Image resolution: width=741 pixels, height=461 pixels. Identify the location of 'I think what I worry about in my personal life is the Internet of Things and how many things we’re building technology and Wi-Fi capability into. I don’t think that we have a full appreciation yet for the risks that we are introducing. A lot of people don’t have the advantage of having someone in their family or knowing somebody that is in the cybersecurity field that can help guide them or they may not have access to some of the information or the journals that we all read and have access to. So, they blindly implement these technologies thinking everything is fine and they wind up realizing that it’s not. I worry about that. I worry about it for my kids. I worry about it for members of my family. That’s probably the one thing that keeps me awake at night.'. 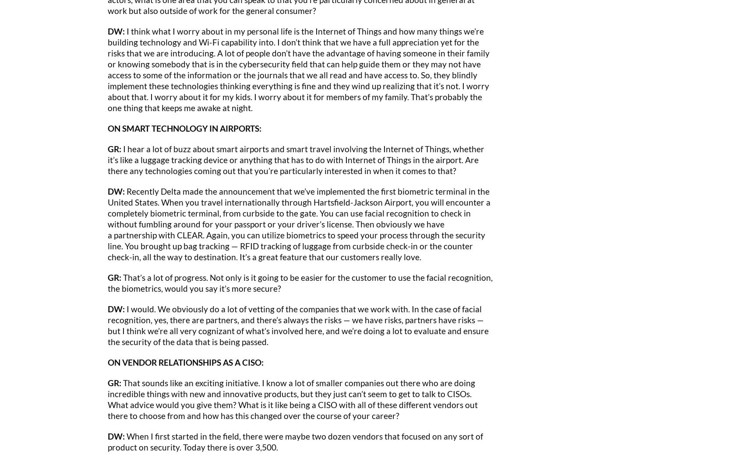
(299, 69).